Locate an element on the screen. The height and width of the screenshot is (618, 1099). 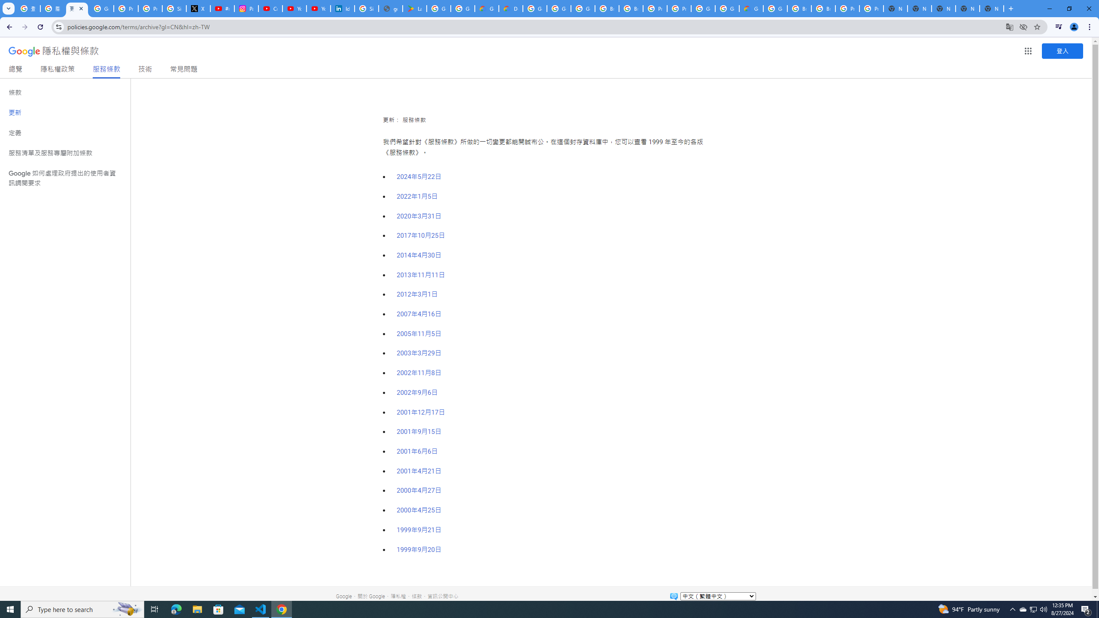
'Browse Chrome as a guest - Computer - Google Chrome Help' is located at coordinates (607, 8).